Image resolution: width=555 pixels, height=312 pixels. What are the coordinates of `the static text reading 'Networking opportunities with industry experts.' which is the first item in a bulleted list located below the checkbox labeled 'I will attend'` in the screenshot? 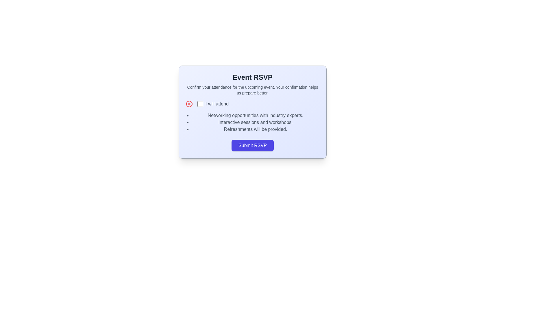 It's located at (255, 116).